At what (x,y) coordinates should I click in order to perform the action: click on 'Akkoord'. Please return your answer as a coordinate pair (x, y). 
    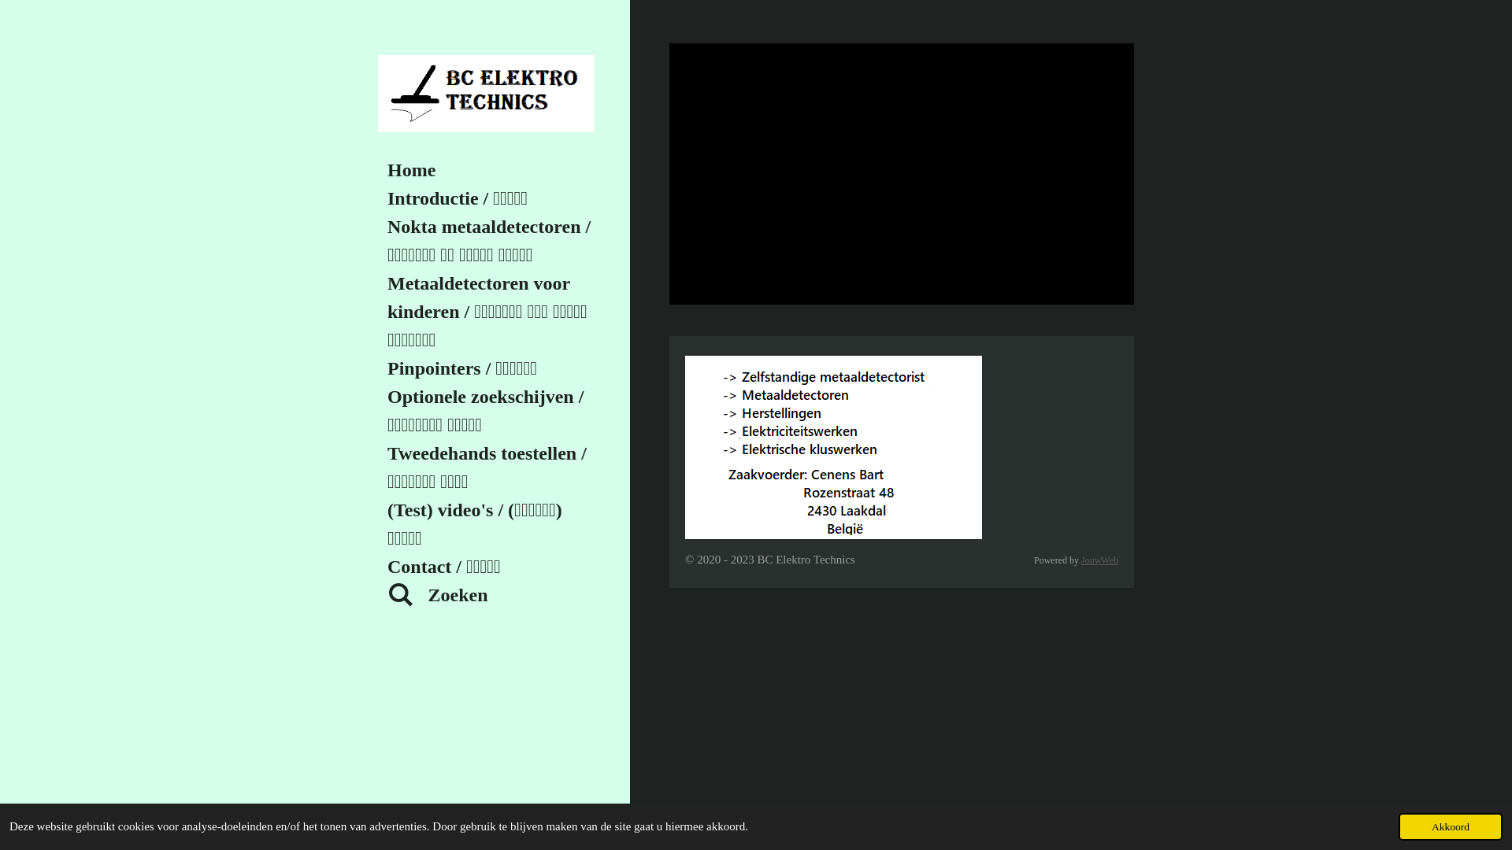
    Looking at the image, I should click on (1450, 826).